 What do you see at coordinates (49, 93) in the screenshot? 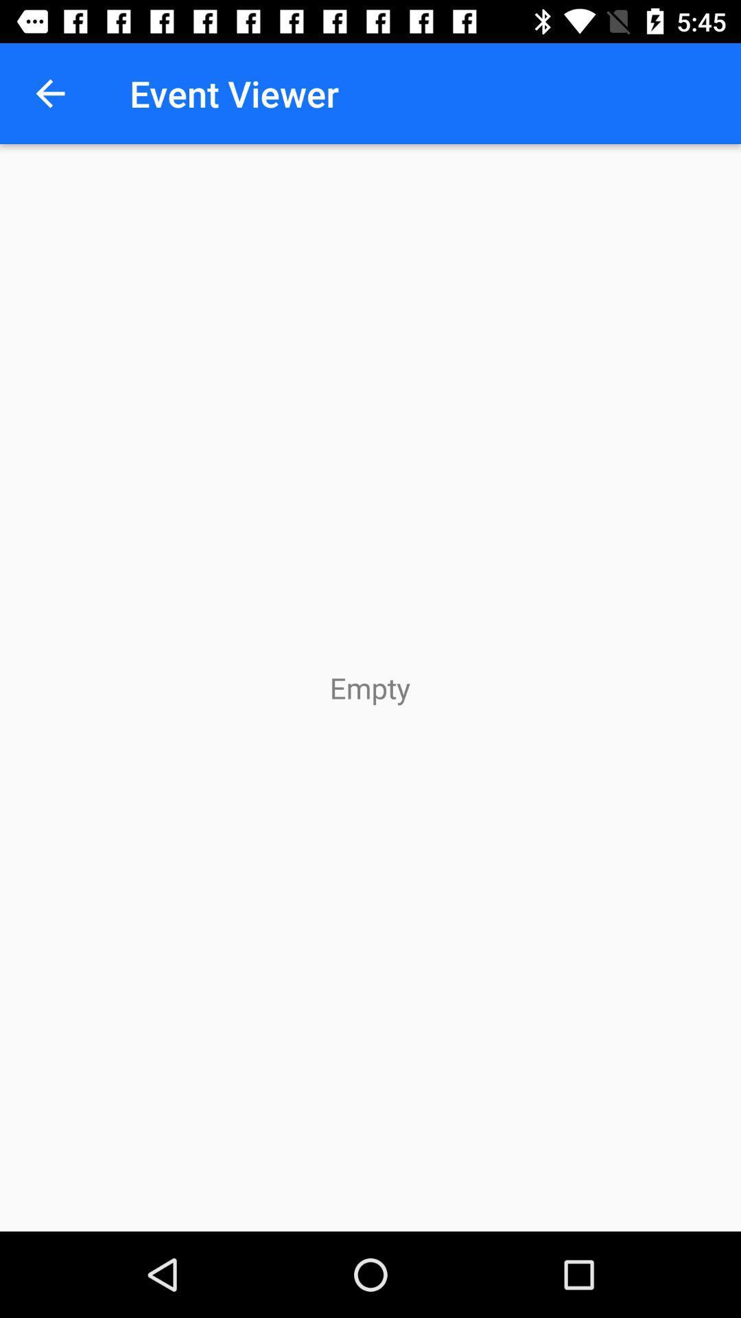
I see `item to the left of event viewer` at bounding box center [49, 93].